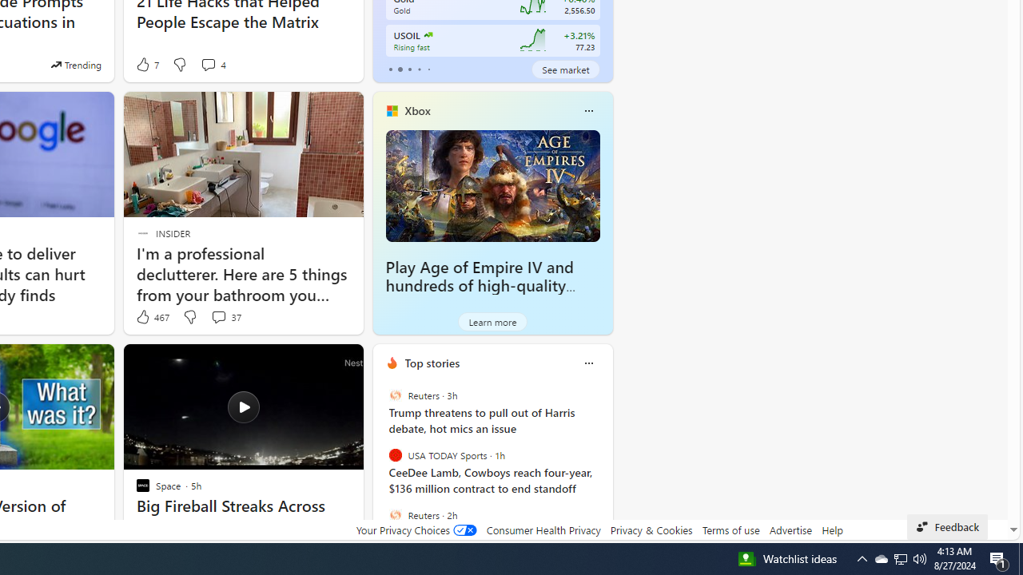 Image resolution: width=1023 pixels, height=575 pixels. Describe the element at coordinates (831, 529) in the screenshot. I see `'Help'` at that location.